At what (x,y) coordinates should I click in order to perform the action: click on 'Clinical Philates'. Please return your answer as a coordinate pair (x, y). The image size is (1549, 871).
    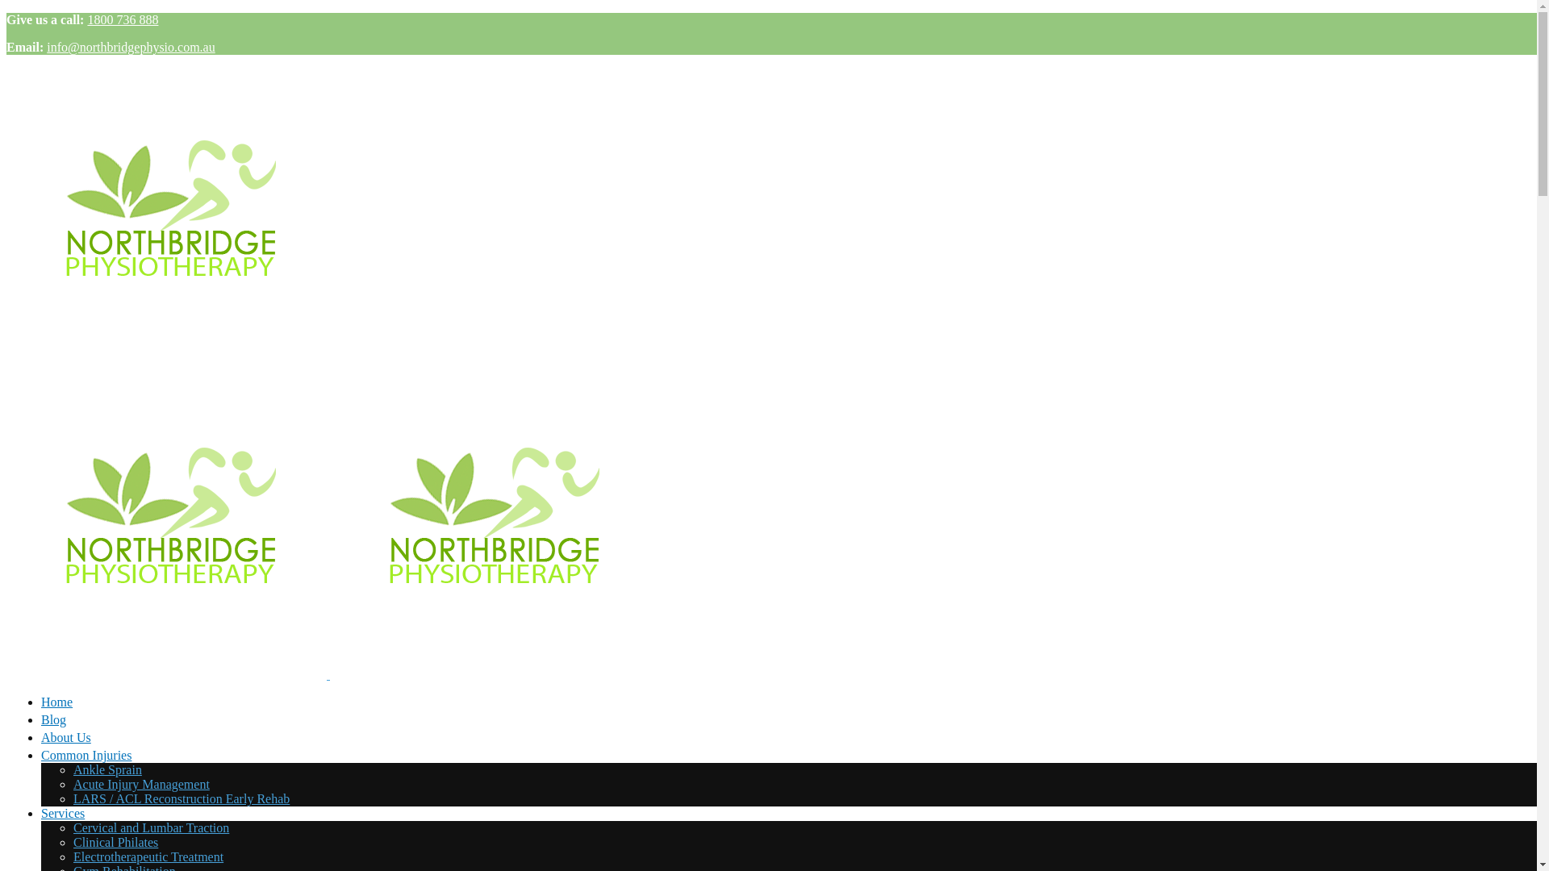
    Looking at the image, I should click on (115, 841).